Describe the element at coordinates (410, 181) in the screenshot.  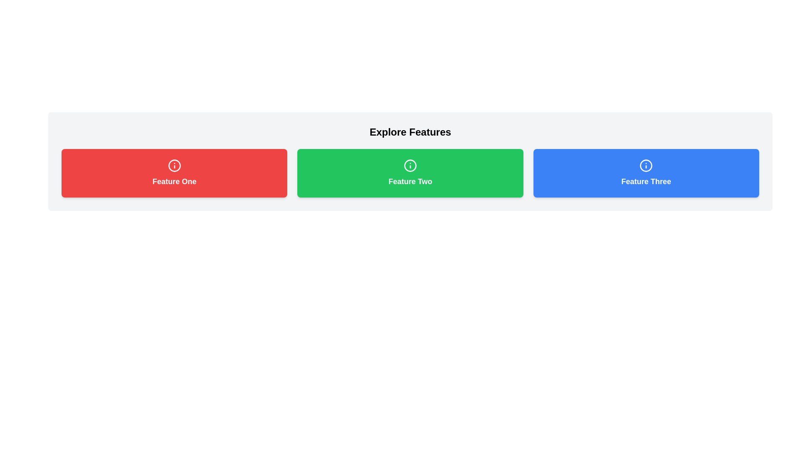
I see `the text label displaying 'Feature Two', which is centered in the second green card with rounded corners` at that location.